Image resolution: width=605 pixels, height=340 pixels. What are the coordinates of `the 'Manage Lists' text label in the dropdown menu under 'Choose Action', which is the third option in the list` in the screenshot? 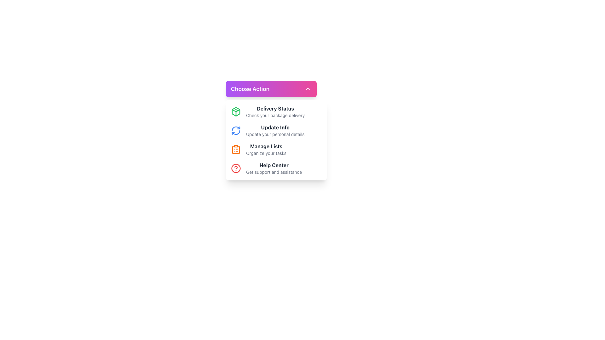 It's located at (266, 149).